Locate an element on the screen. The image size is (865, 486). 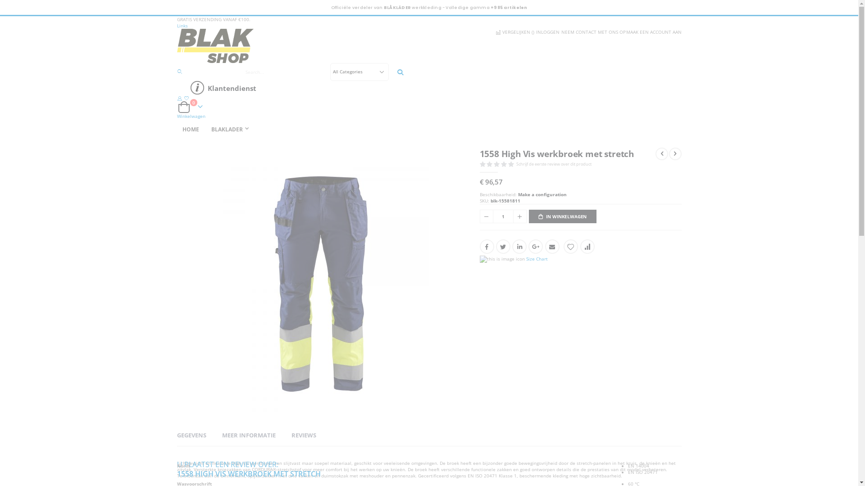
'Schrijf de eerste review over dit product' is located at coordinates (555, 164).